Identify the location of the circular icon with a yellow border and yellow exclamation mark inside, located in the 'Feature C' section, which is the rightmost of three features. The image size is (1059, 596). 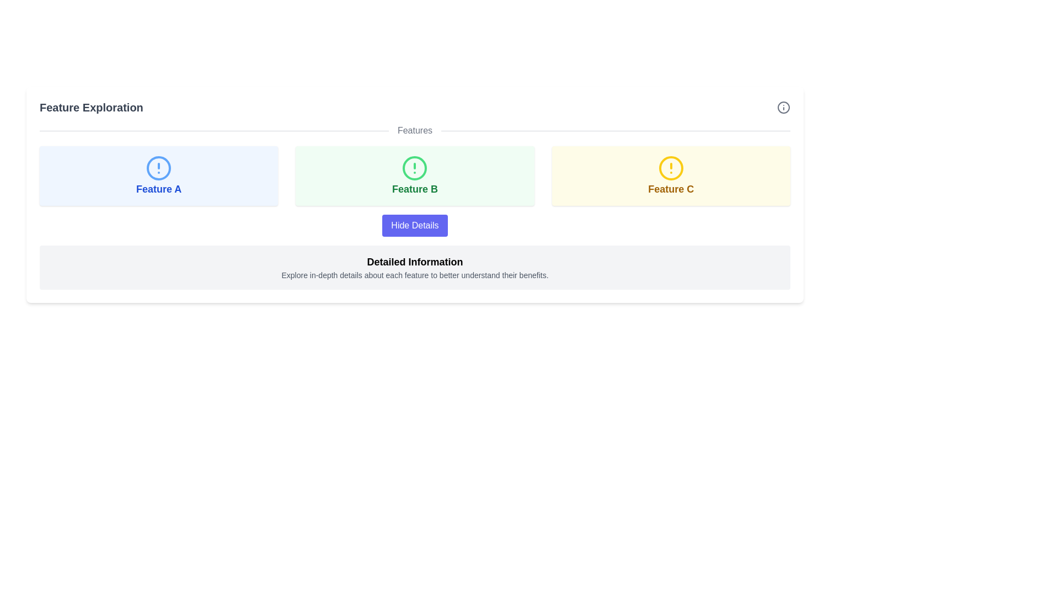
(670, 168).